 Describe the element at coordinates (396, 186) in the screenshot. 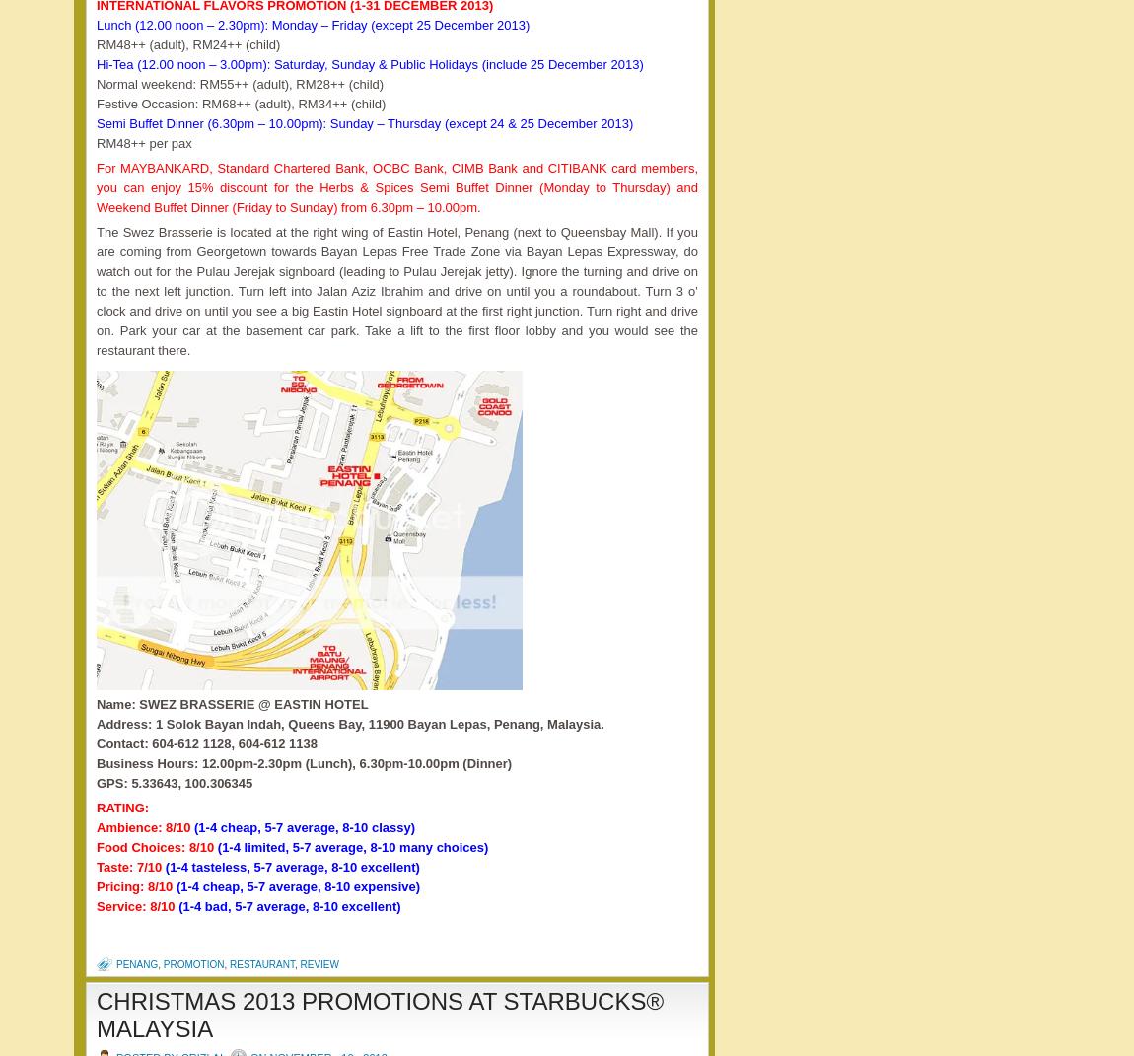

I see `'For MAYBANKARD, Standard Chartered Bank, OCBC Bank, CIMB Bank and CITIBANK card members, you can enjoy 15% discount for the Herbs & Spices Semi Buffet Dinner (Monday to Thursday) and Weekend Buffet Dinner (Friday to Sunday) from 6.30pm – 10.00pm.'` at that location.